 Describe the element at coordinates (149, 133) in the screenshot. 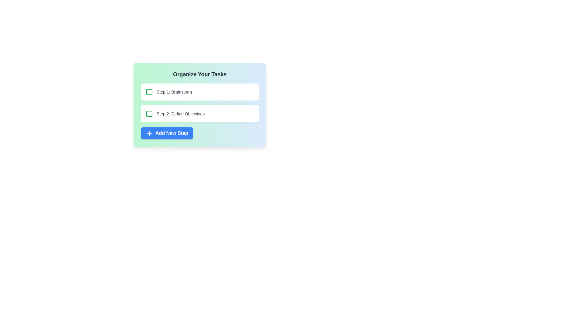

I see `the blue plus sign icon within the 'Add New Step' button located at the bottom of the 'Organize Your Tasks' panel to trigger a tooltip or UI response` at that location.